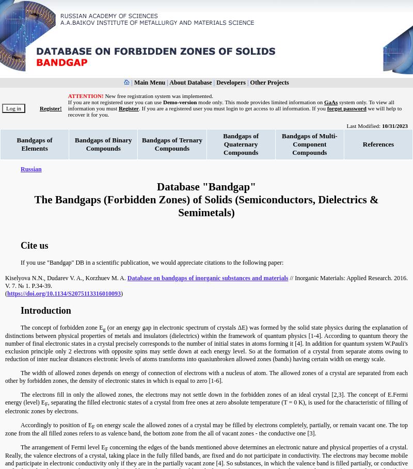 This screenshot has width=413, height=469. Describe the element at coordinates (67, 102) in the screenshot. I see `'If you are not registered user you can use'` at that location.